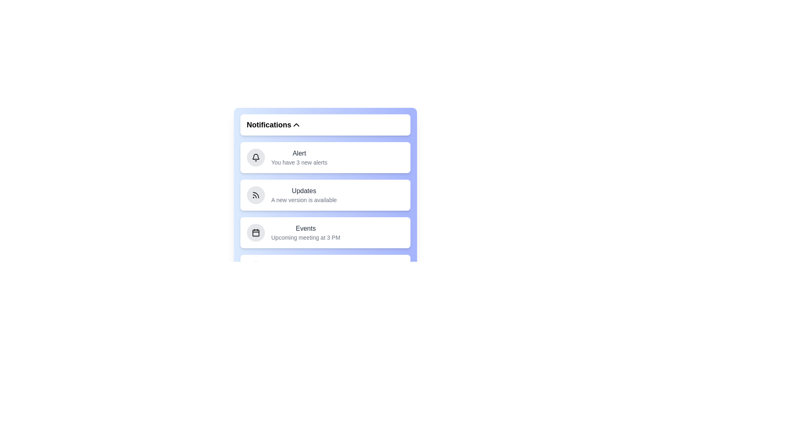 This screenshot has width=785, height=441. Describe the element at coordinates (255, 195) in the screenshot. I see `the icon representing Updates notification` at that location.